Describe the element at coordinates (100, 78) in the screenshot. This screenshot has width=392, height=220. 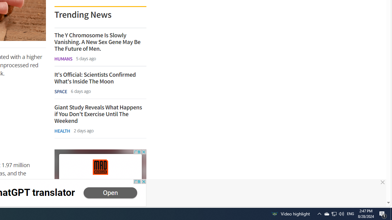
I see `'It'` at that location.